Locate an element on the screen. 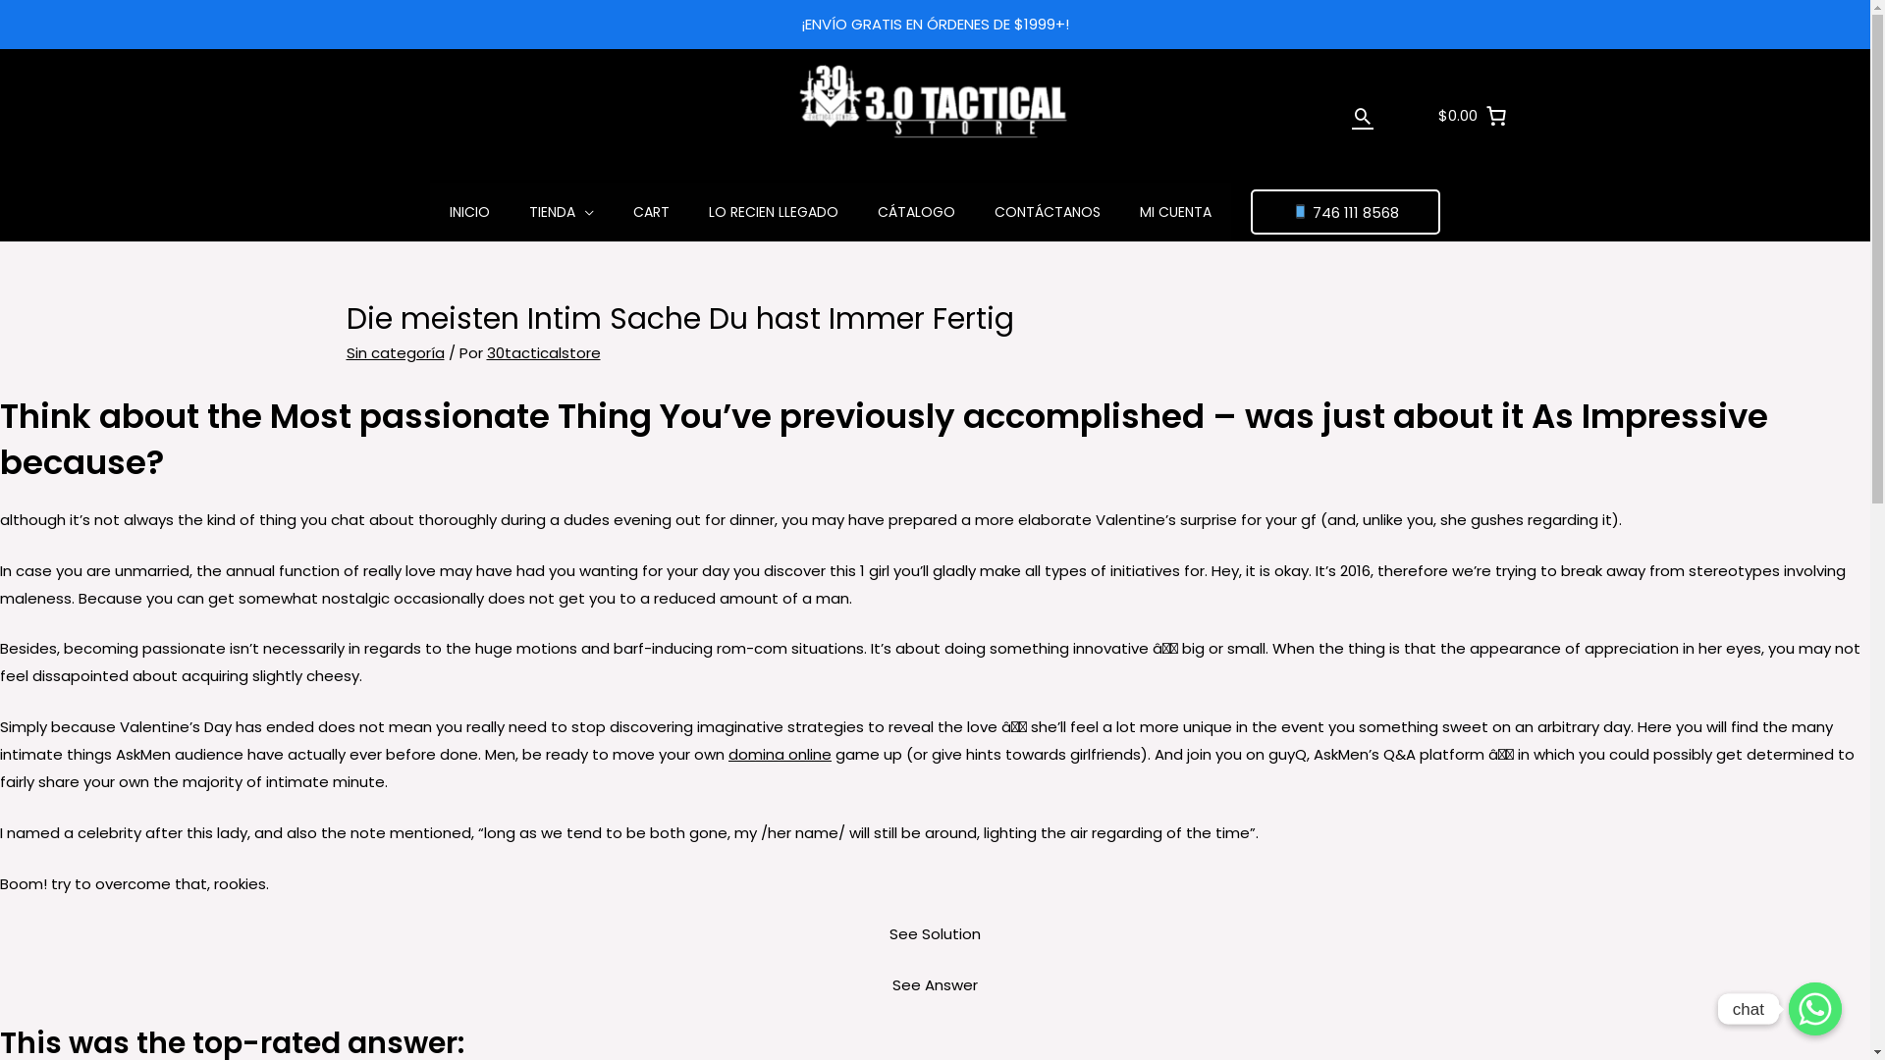 This screenshot has height=1060, width=1885. 'LO RECIEN LLEGADO' is located at coordinates (688, 212).